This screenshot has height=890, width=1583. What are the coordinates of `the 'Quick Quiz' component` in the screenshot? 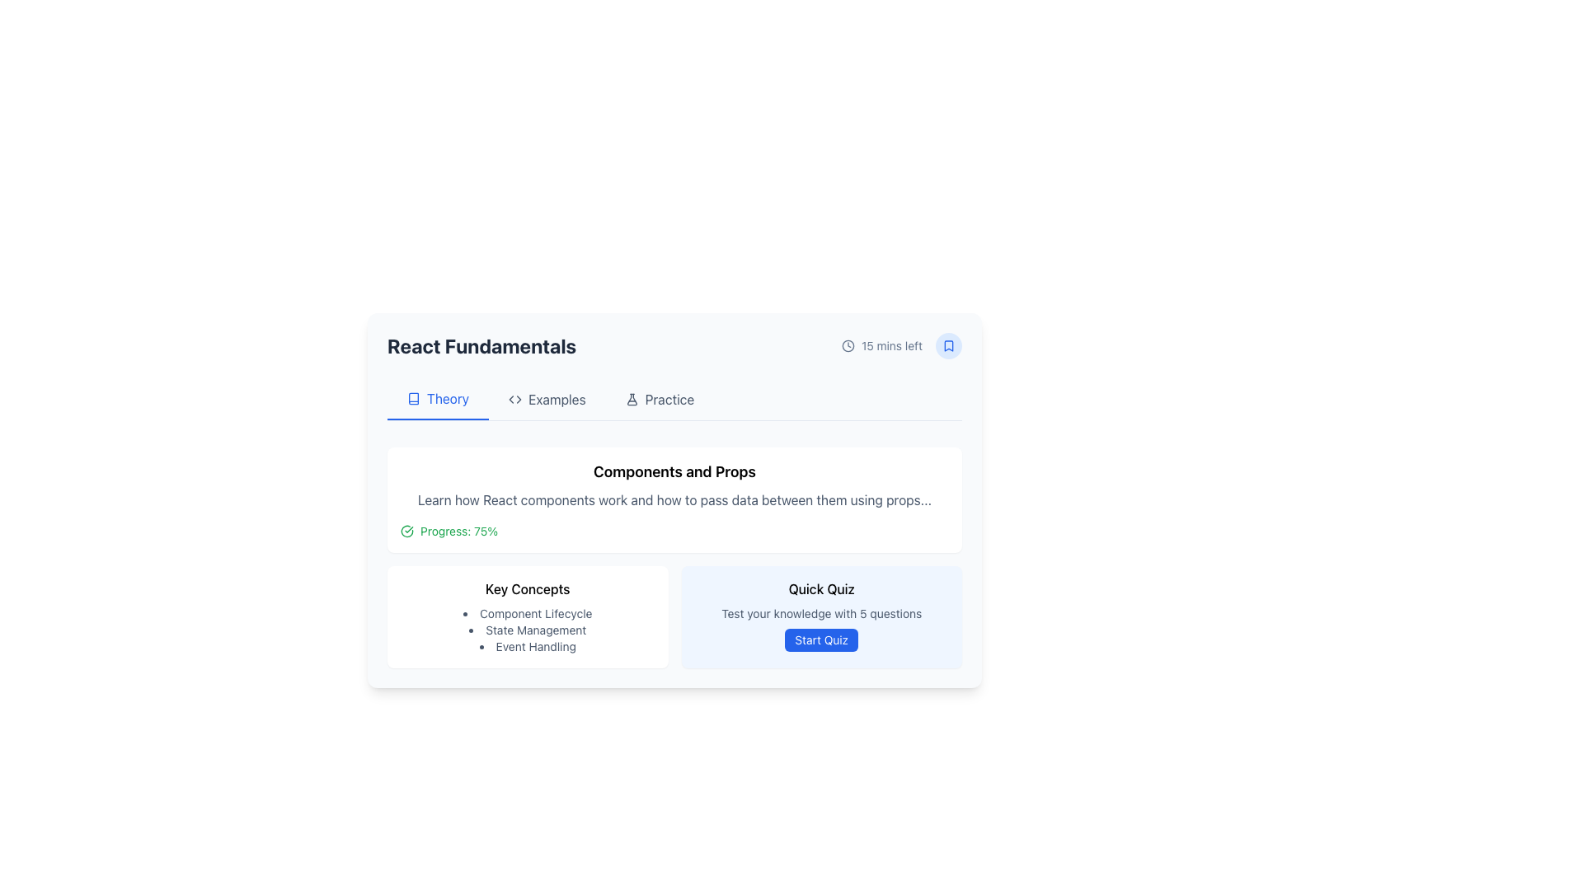 It's located at (821, 616).